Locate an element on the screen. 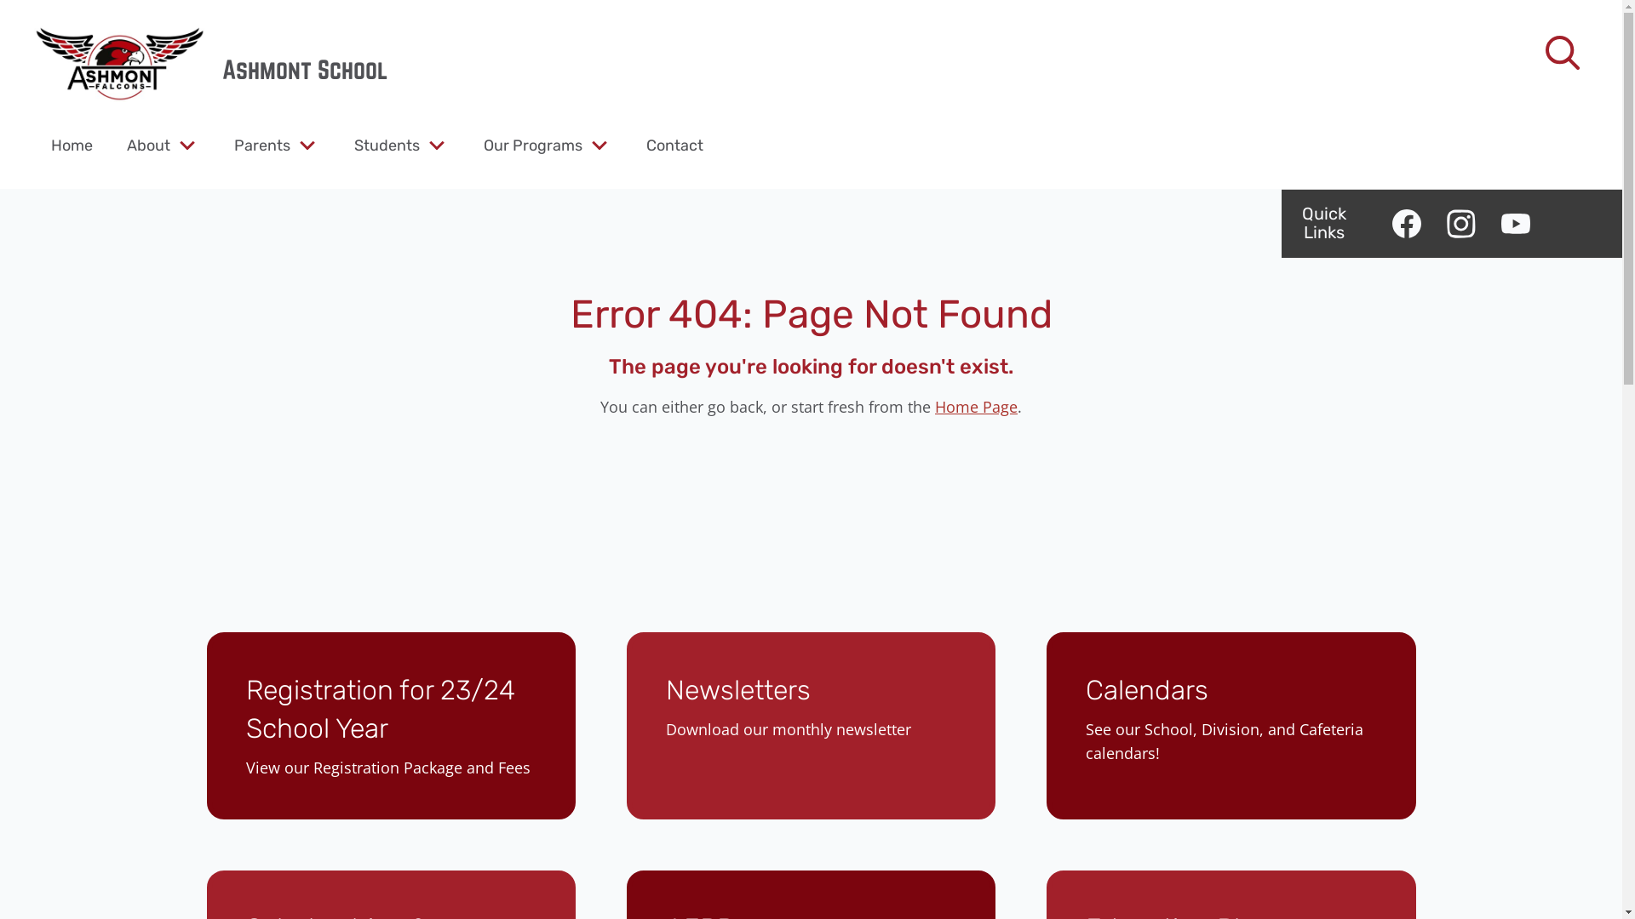 This screenshot has width=1635, height=919. 'Students' is located at coordinates (386, 144).